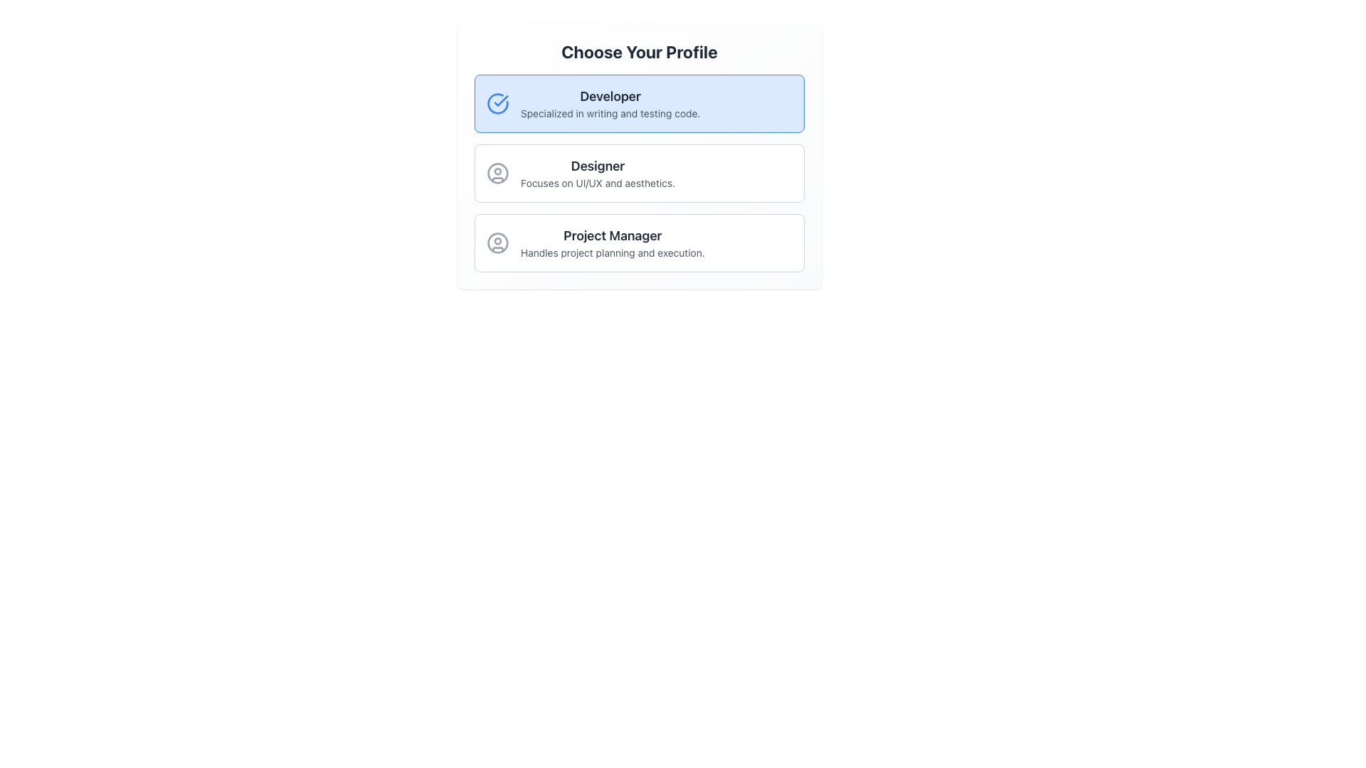  What do you see at coordinates (638, 172) in the screenshot?
I see `the 'Designer' selectable card` at bounding box center [638, 172].